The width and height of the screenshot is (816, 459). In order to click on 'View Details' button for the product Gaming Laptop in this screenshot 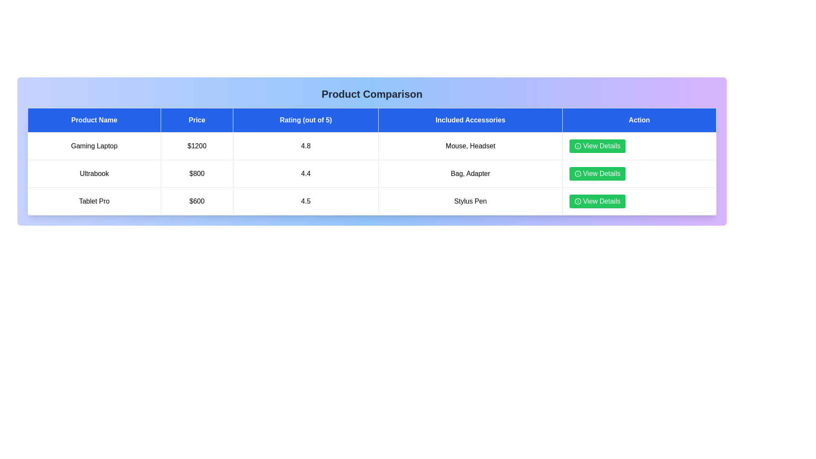, I will do `click(597, 145)`.